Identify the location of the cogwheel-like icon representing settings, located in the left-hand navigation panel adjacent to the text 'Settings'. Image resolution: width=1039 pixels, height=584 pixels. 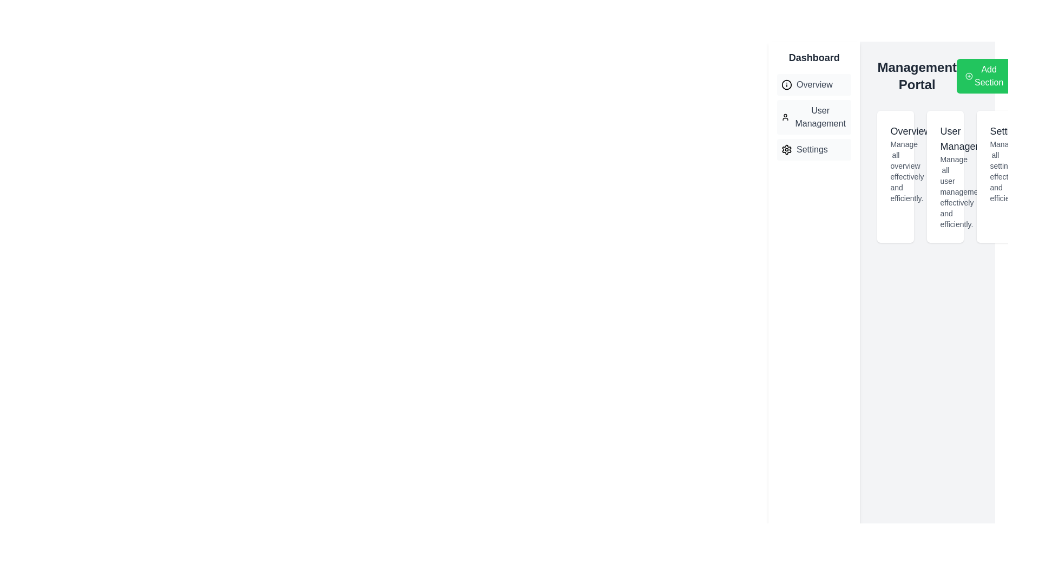
(787, 150).